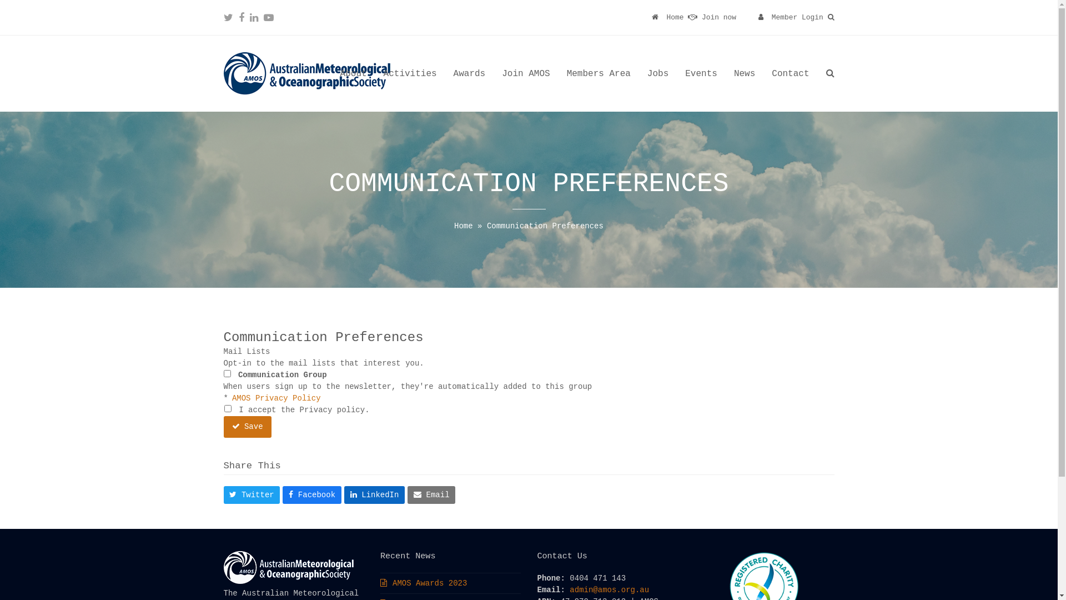  Describe the element at coordinates (609, 589) in the screenshot. I see `'admin@amos.org.au'` at that location.